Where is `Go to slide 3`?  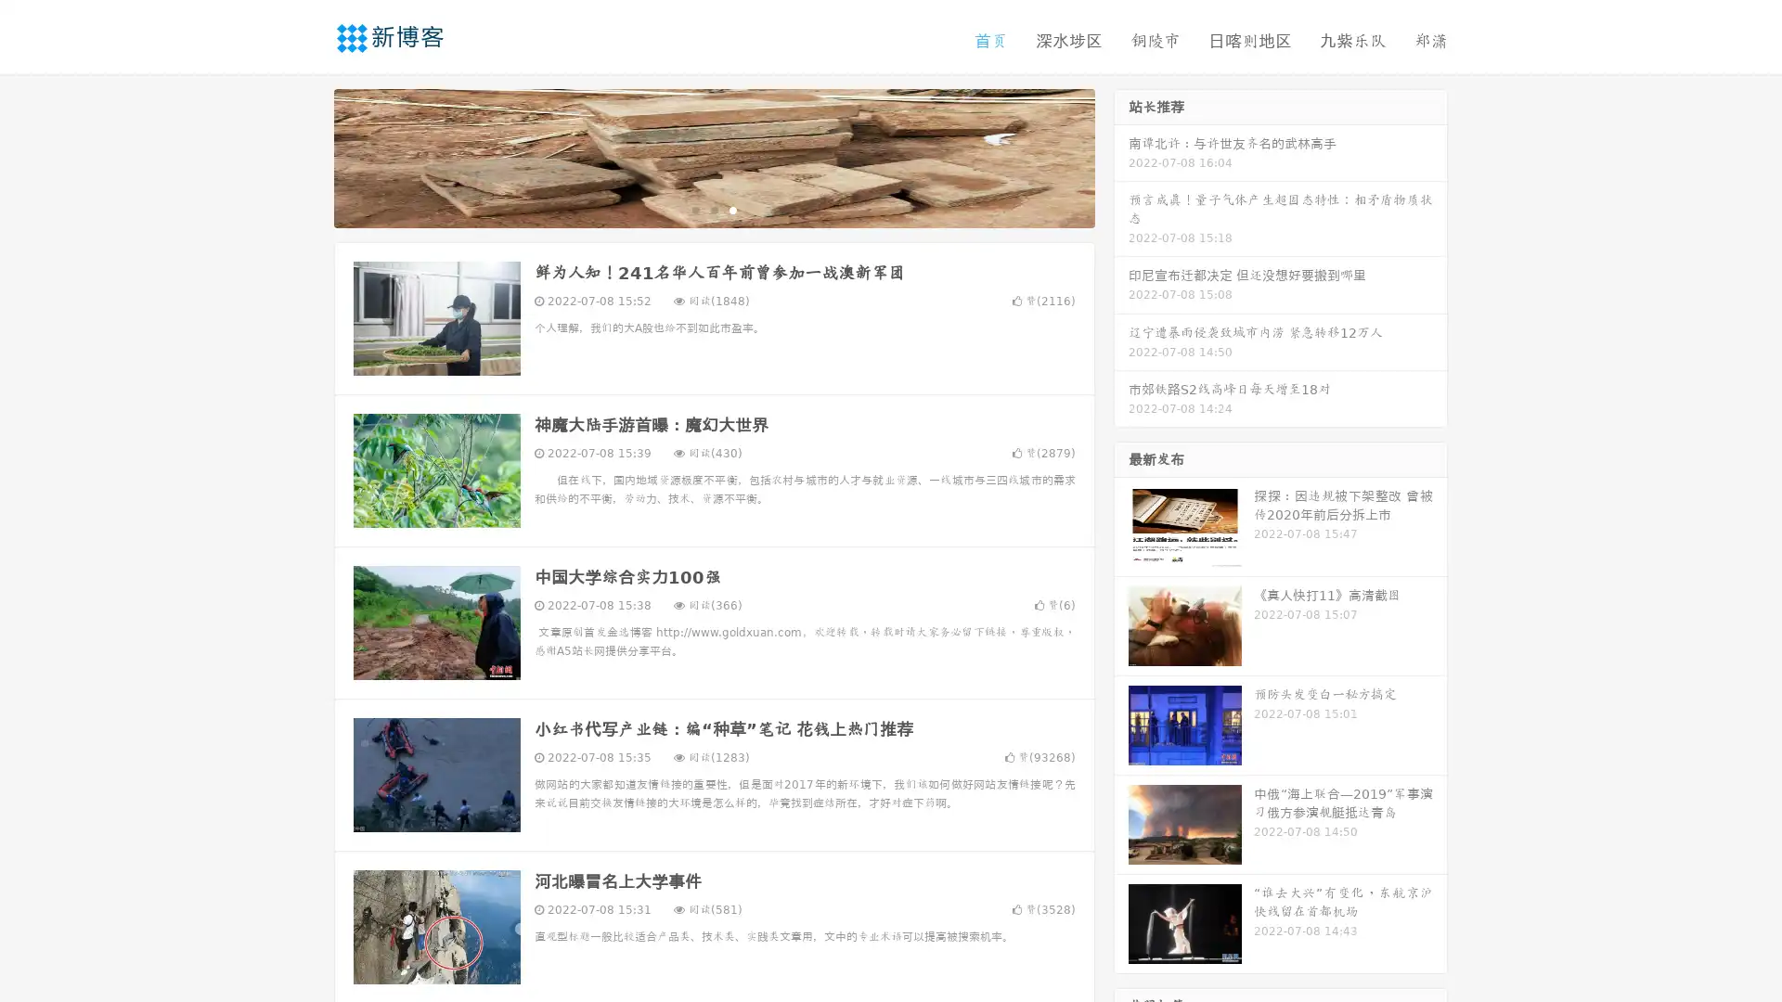
Go to slide 3 is located at coordinates (732, 209).